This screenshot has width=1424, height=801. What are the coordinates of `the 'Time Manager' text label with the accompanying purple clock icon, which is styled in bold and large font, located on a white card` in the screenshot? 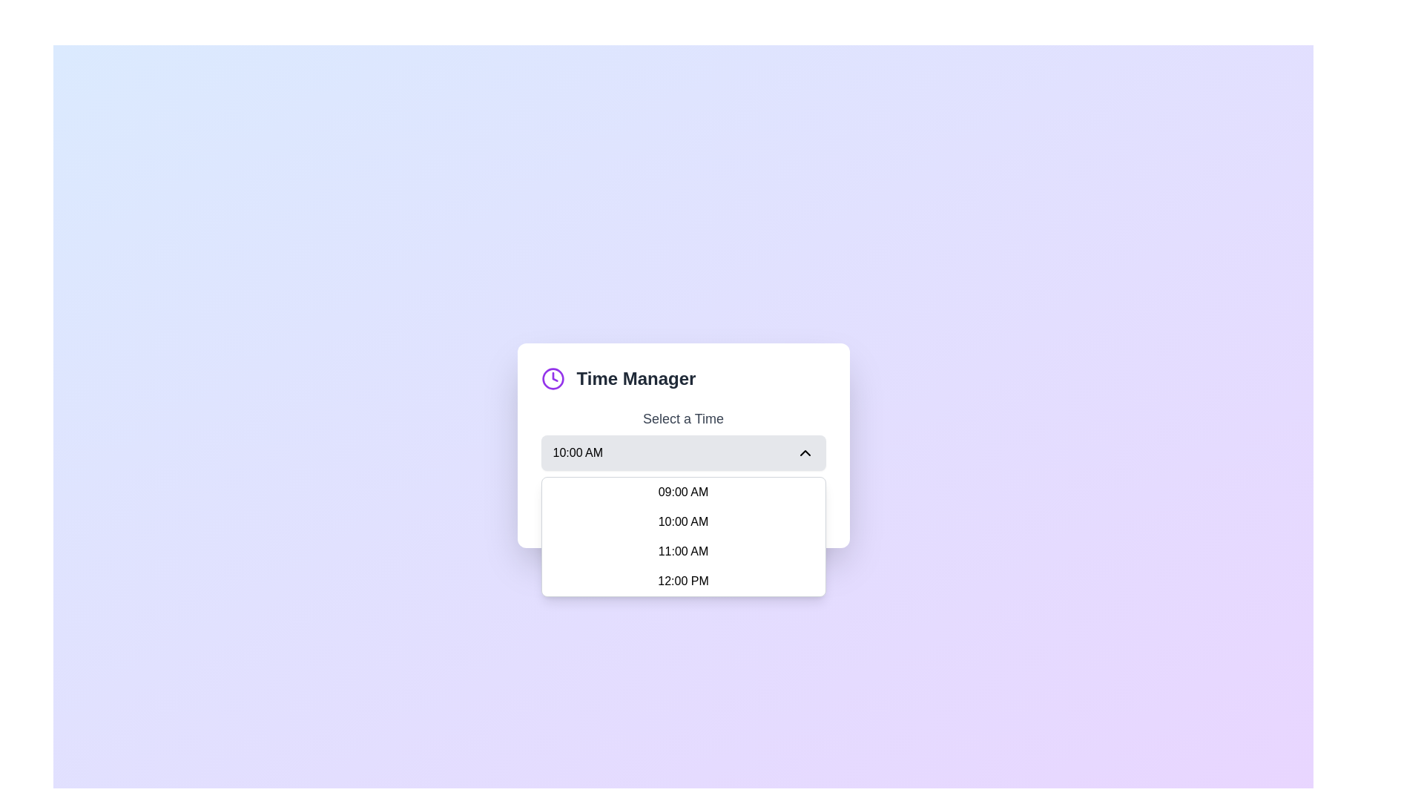 It's located at (682, 378).